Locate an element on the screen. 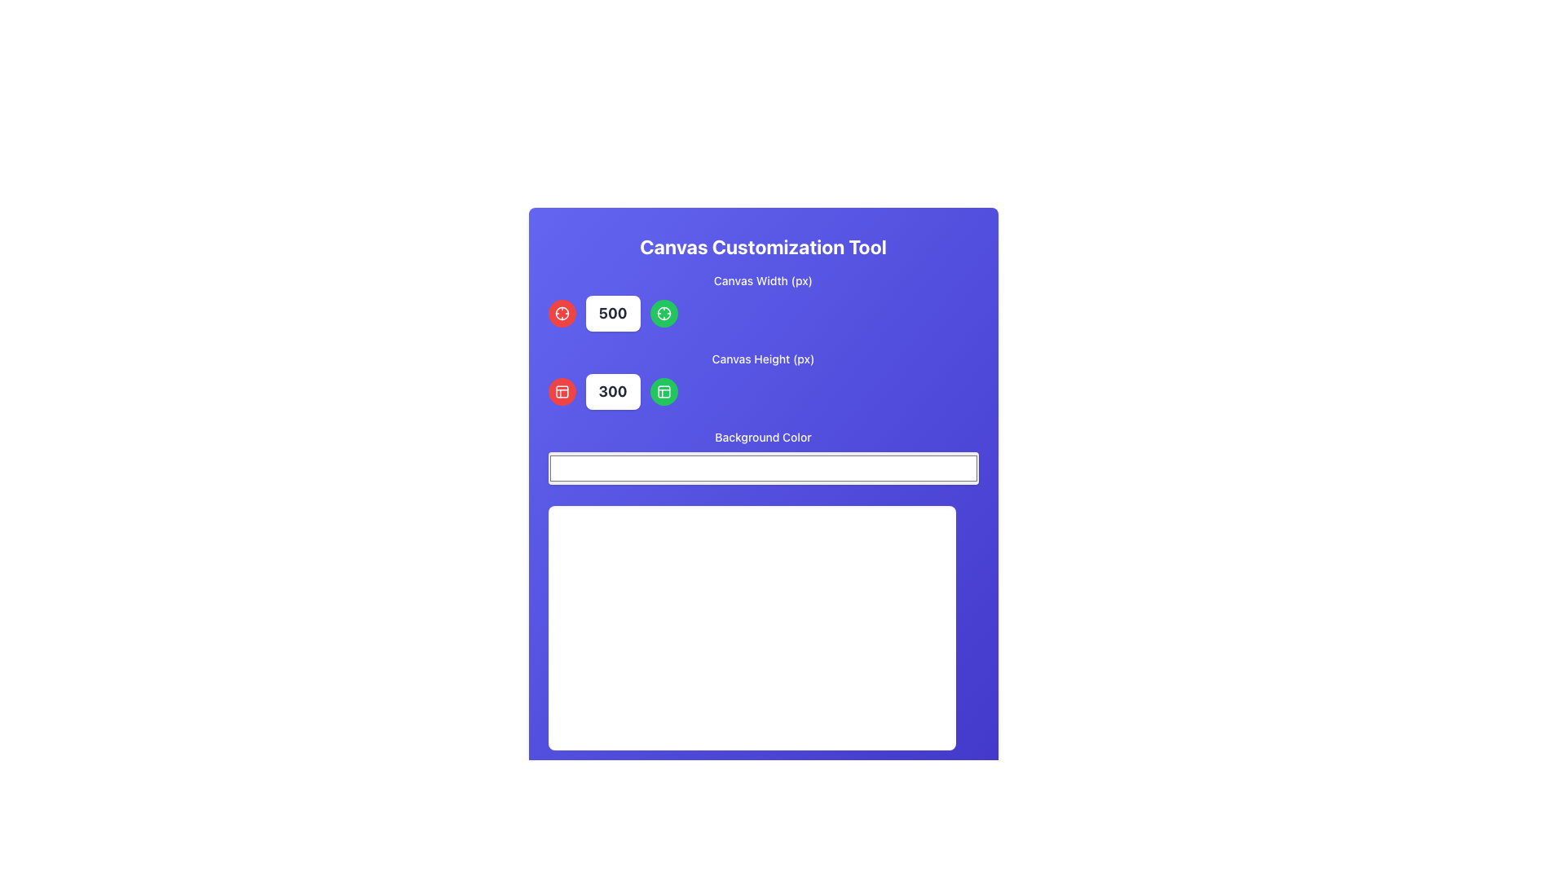 This screenshot has height=880, width=1565. the reset button for the canvas width parameter, which is the first button in the top row of controls, located to the left of the '500' input field under the 'Canvas Width (px)' section is located at coordinates (562, 314).